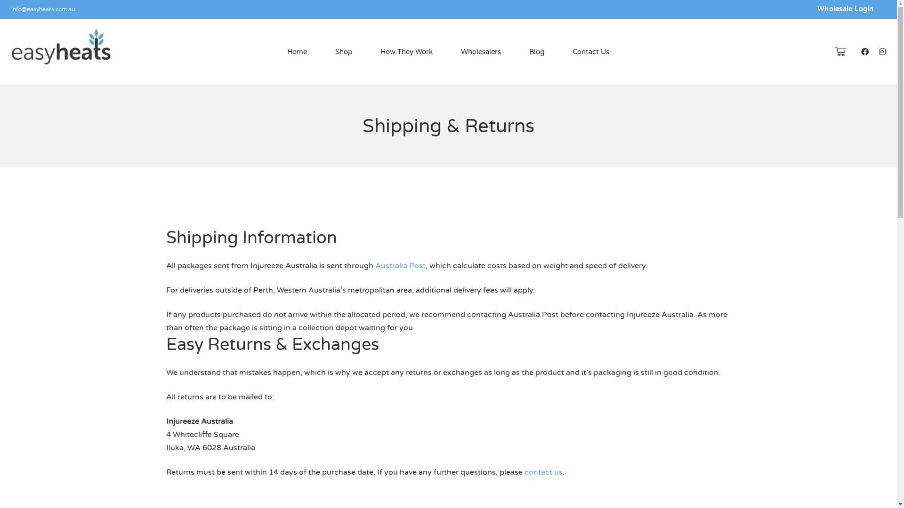 The width and height of the screenshot is (904, 508). What do you see at coordinates (558, 52) in the screenshot?
I see `'Contact Us'` at bounding box center [558, 52].